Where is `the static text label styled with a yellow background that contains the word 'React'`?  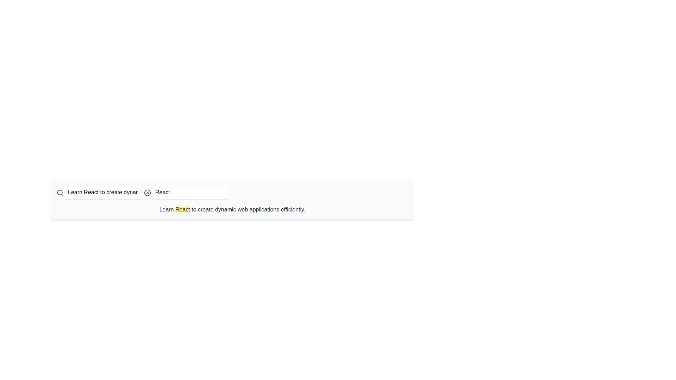 the static text label styled with a yellow background that contains the word 'React' is located at coordinates (182, 209).